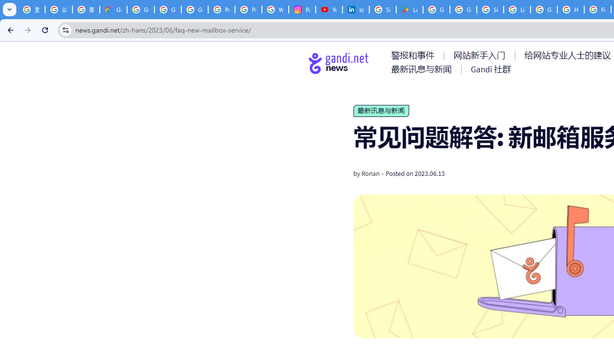  Describe the element at coordinates (370, 173) in the screenshot. I see `'Ronan'` at that location.